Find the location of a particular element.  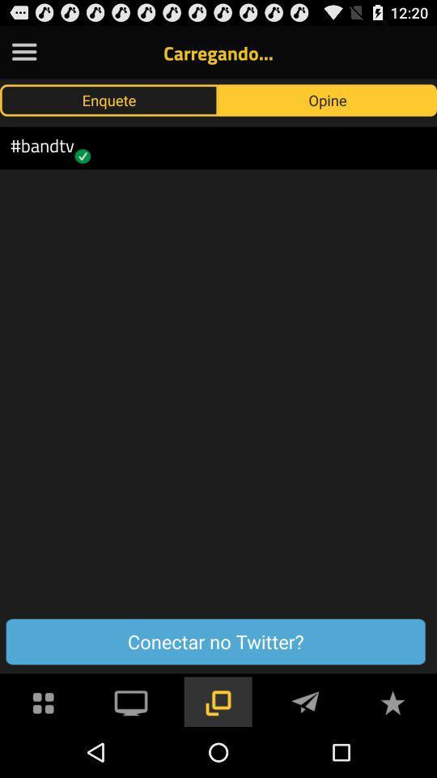

the menu icon is located at coordinates (23, 55).